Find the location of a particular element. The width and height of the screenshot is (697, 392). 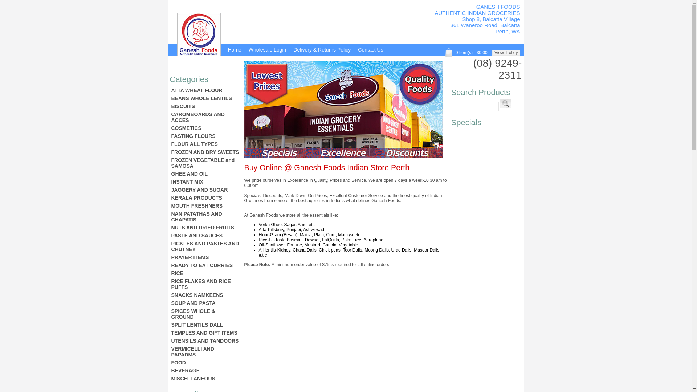

'INSTANT MIX' is located at coordinates (205, 181).